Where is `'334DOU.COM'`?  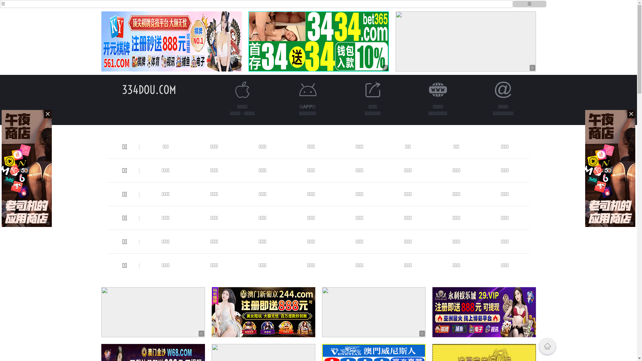 '334DOU.COM' is located at coordinates (148, 89).